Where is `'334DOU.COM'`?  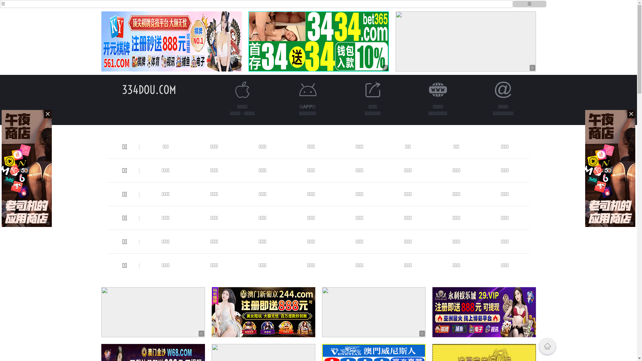 '334DOU.COM' is located at coordinates (148, 89).